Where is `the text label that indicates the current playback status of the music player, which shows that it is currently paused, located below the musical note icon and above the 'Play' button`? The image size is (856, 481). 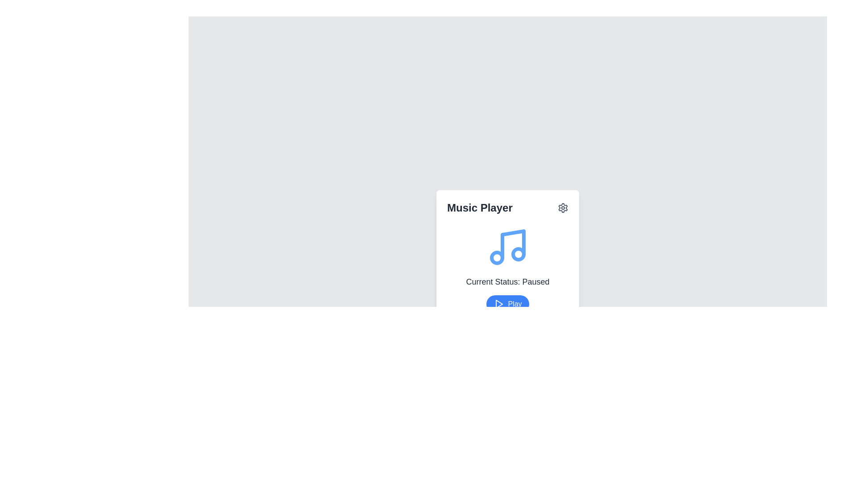
the text label that indicates the current playback status of the music player, which shows that it is currently paused, located below the musical note icon and above the 'Play' button is located at coordinates (507, 281).